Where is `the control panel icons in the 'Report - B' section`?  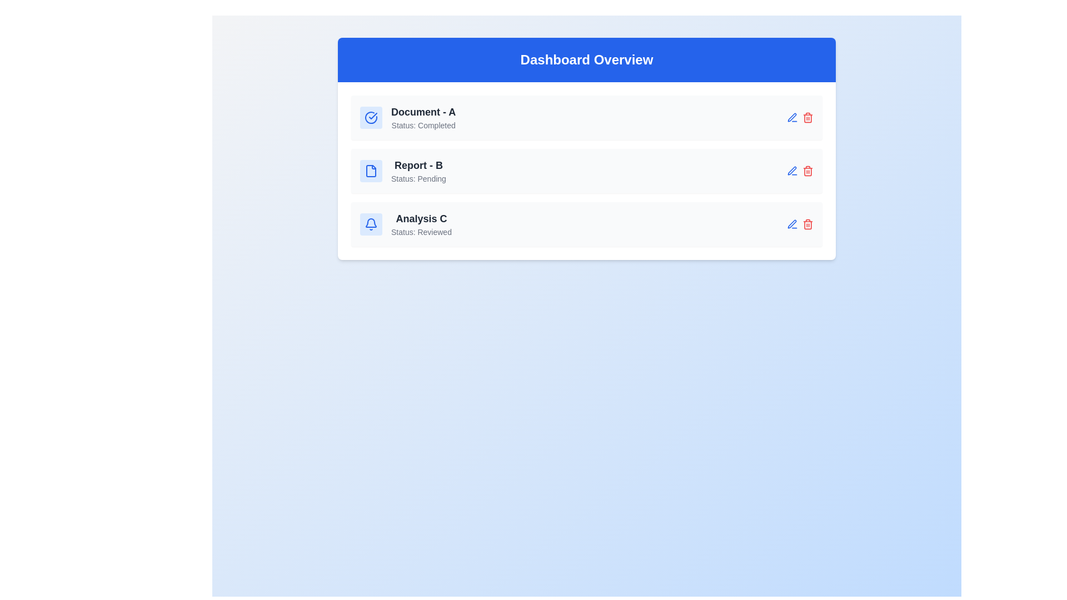 the control panel icons in the 'Report - B' section is located at coordinates (800, 171).